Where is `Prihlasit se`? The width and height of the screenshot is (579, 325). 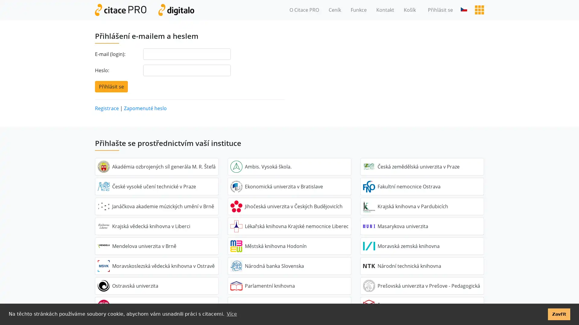 Prihlasit se is located at coordinates (111, 86).